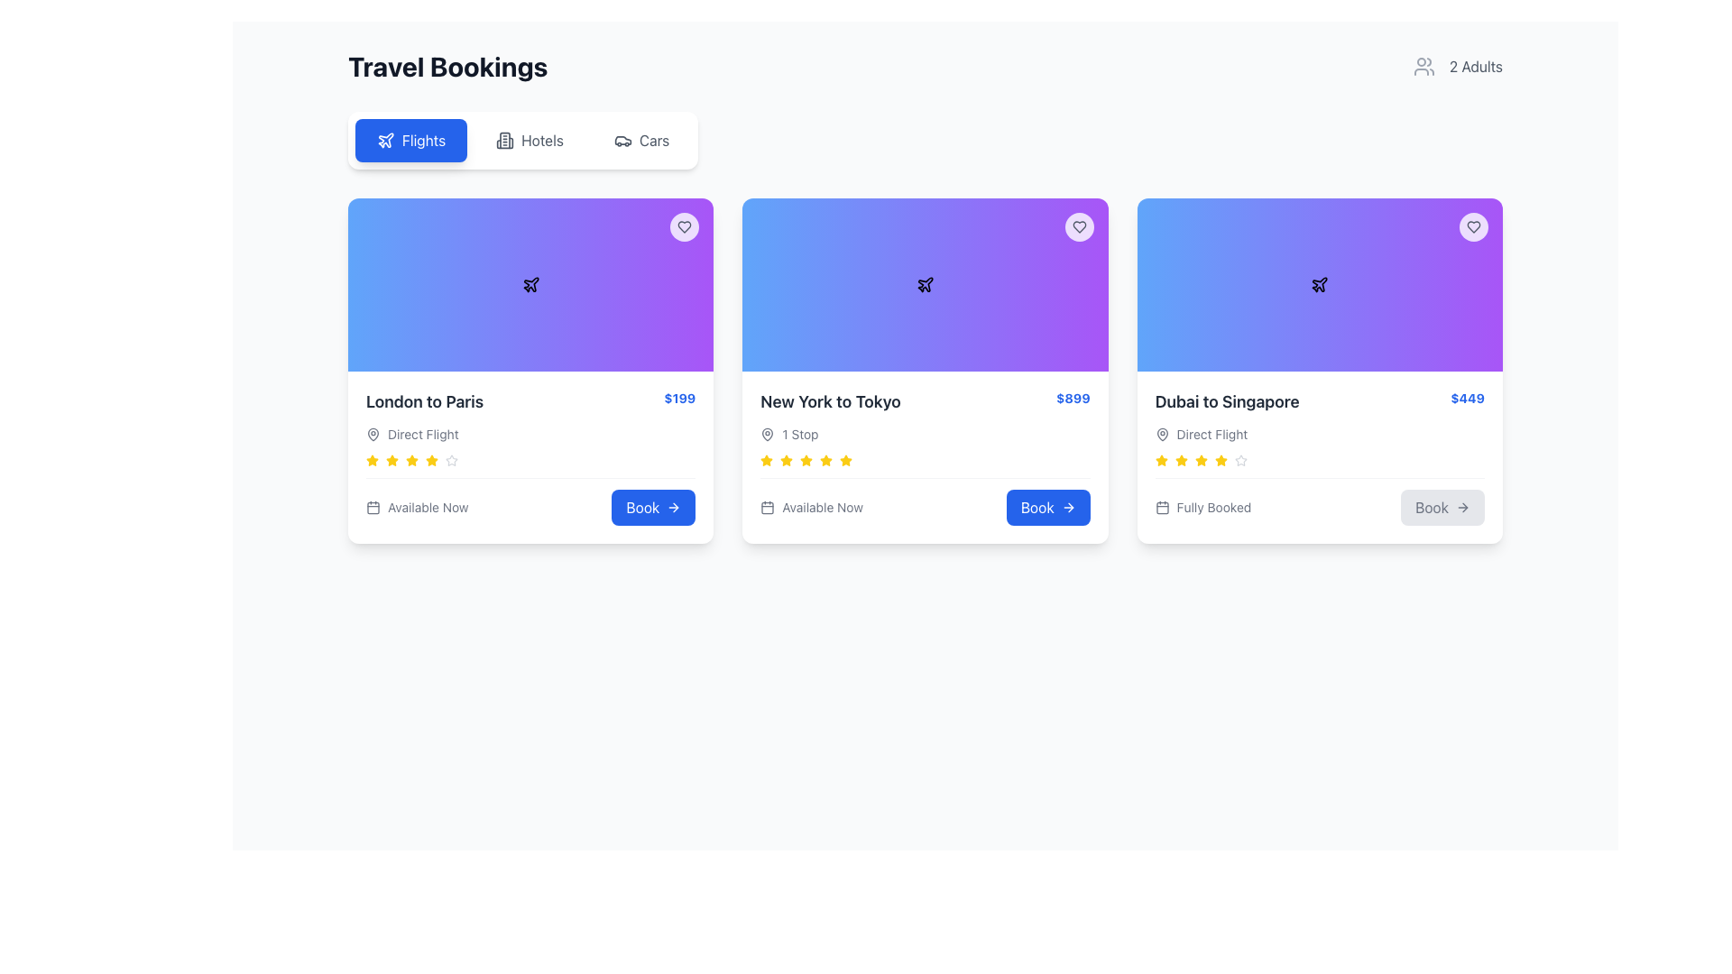 The width and height of the screenshot is (1732, 974). What do you see at coordinates (767, 459) in the screenshot?
I see `the second star icon in the rating component for the 'New York to Tokyo' travel option` at bounding box center [767, 459].